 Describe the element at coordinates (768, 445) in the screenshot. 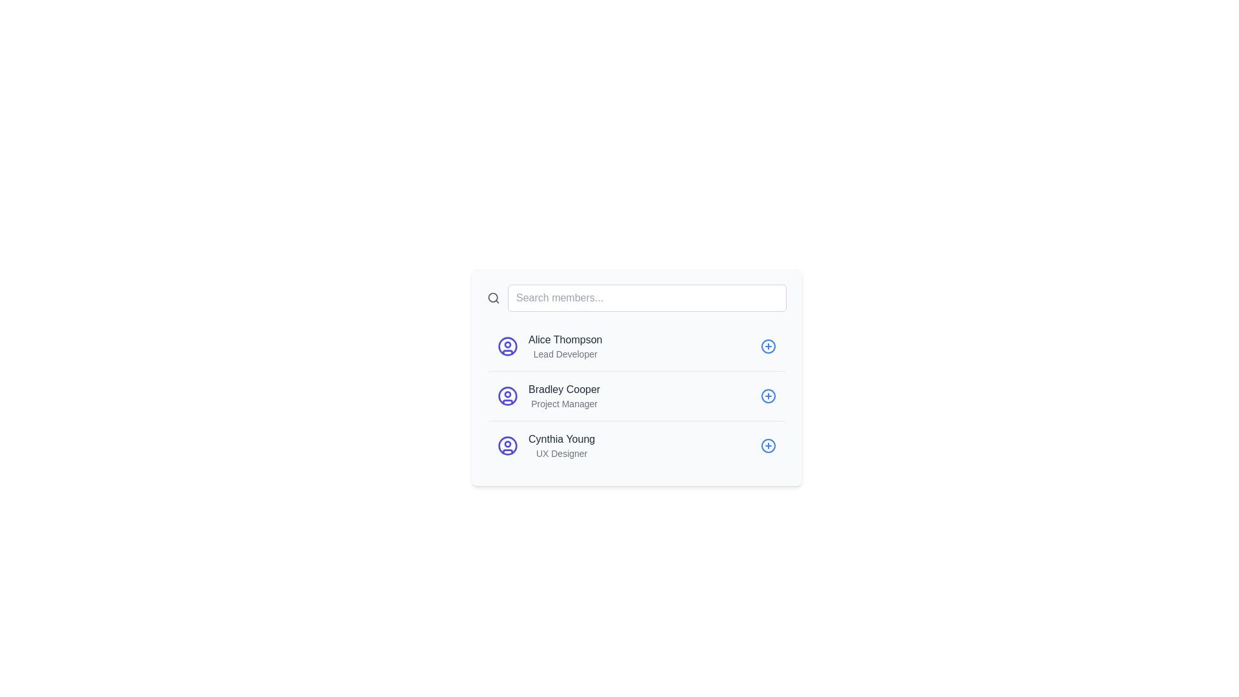

I see `the center of the circular SVG icon that is part of the action button for 'Cynthia Young', located to the right of the third list item` at that location.